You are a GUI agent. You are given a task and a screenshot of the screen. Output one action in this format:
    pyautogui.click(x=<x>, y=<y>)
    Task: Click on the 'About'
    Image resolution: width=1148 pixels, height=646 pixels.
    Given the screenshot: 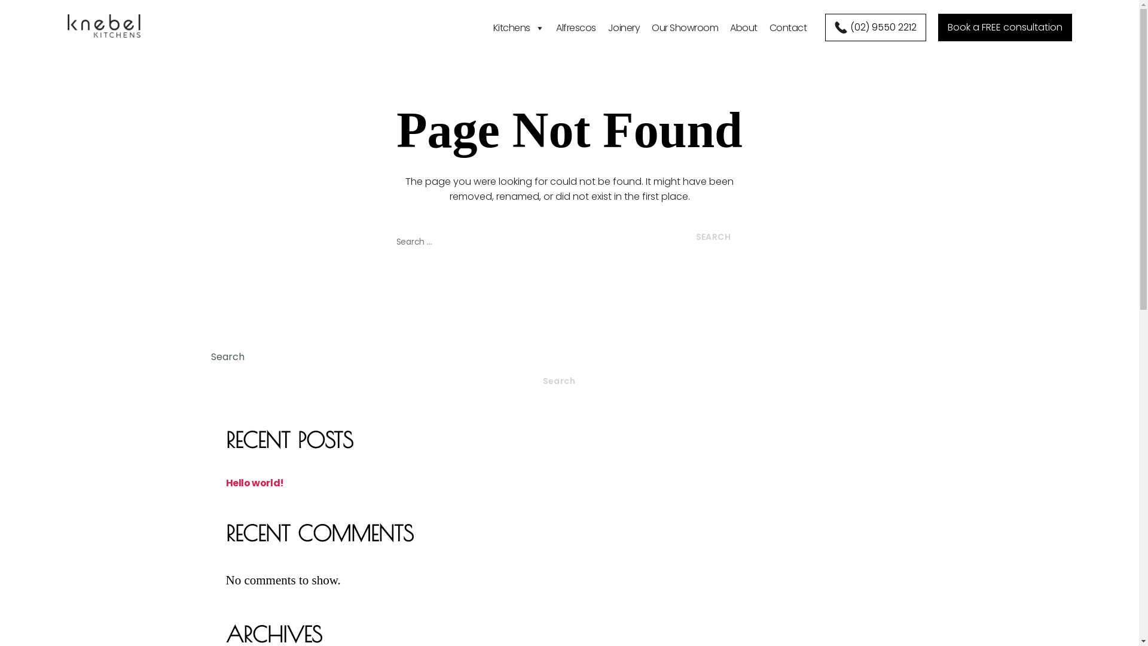 What is the action you would take?
    pyautogui.click(x=743, y=23)
    